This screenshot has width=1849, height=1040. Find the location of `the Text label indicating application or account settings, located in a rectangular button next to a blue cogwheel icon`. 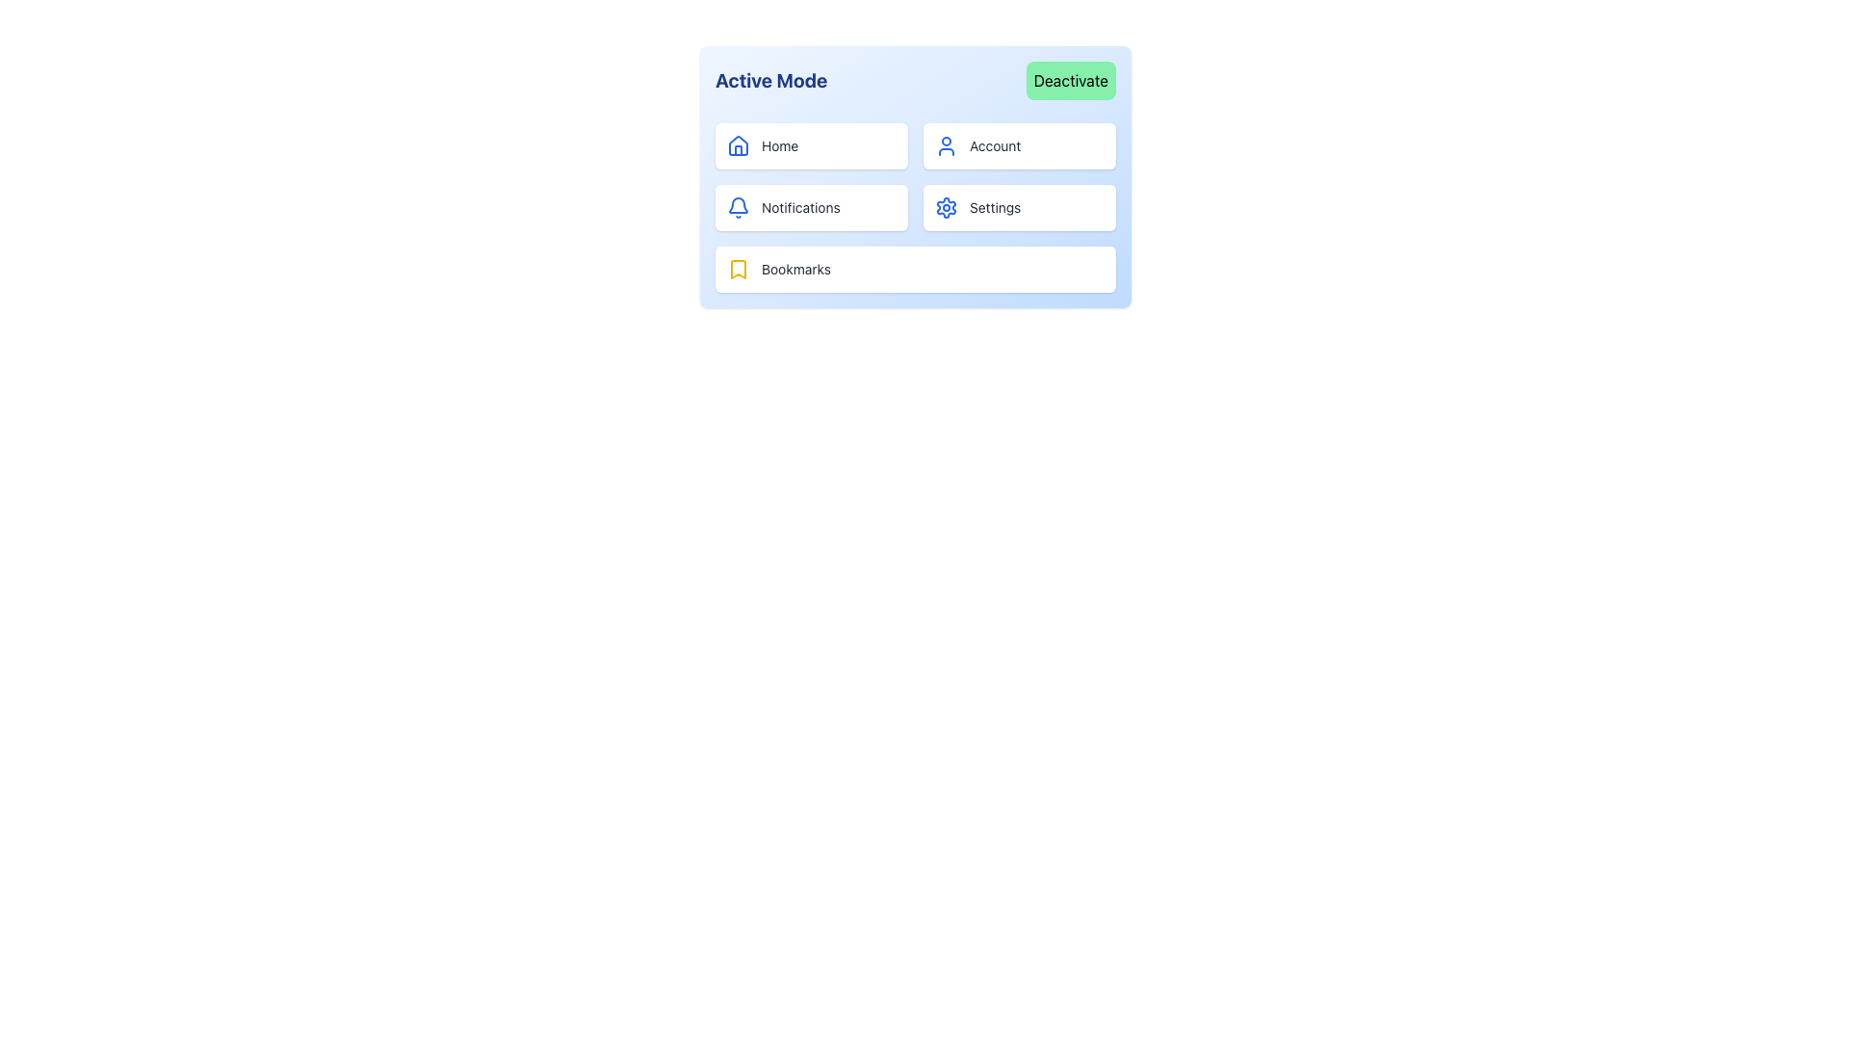

the Text label indicating application or account settings, located in a rectangular button next to a blue cogwheel icon is located at coordinates (995, 208).